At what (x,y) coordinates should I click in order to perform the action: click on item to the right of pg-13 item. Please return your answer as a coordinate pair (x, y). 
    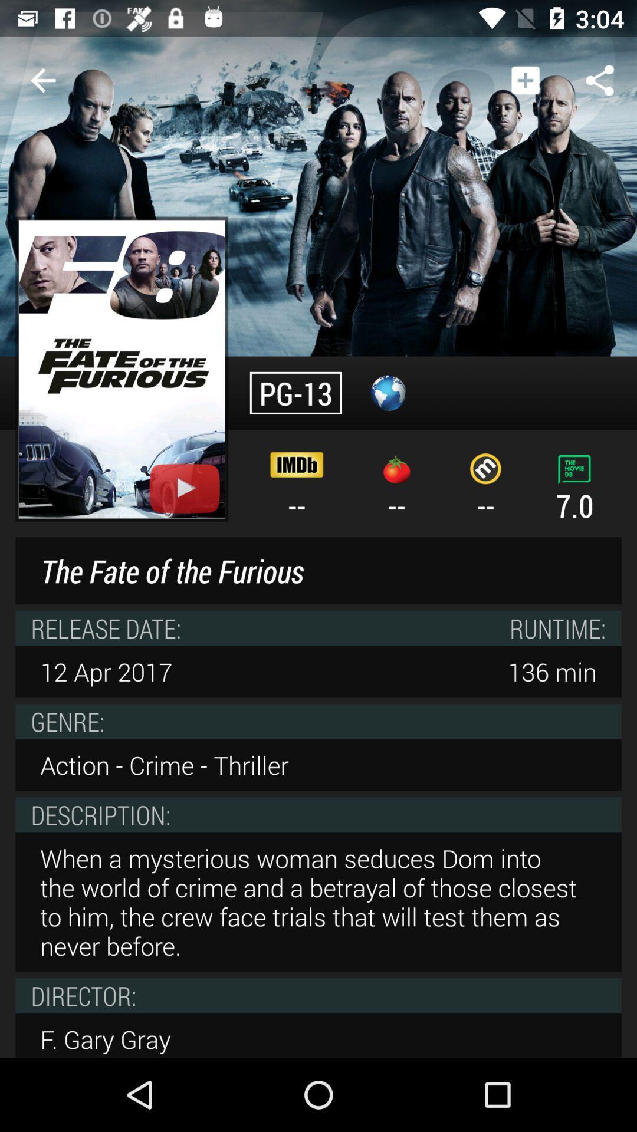
    Looking at the image, I should click on (388, 393).